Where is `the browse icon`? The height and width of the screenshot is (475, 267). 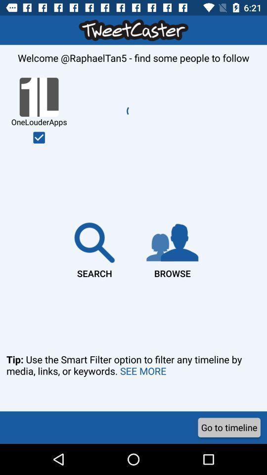 the browse icon is located at coordinates (172, 248).